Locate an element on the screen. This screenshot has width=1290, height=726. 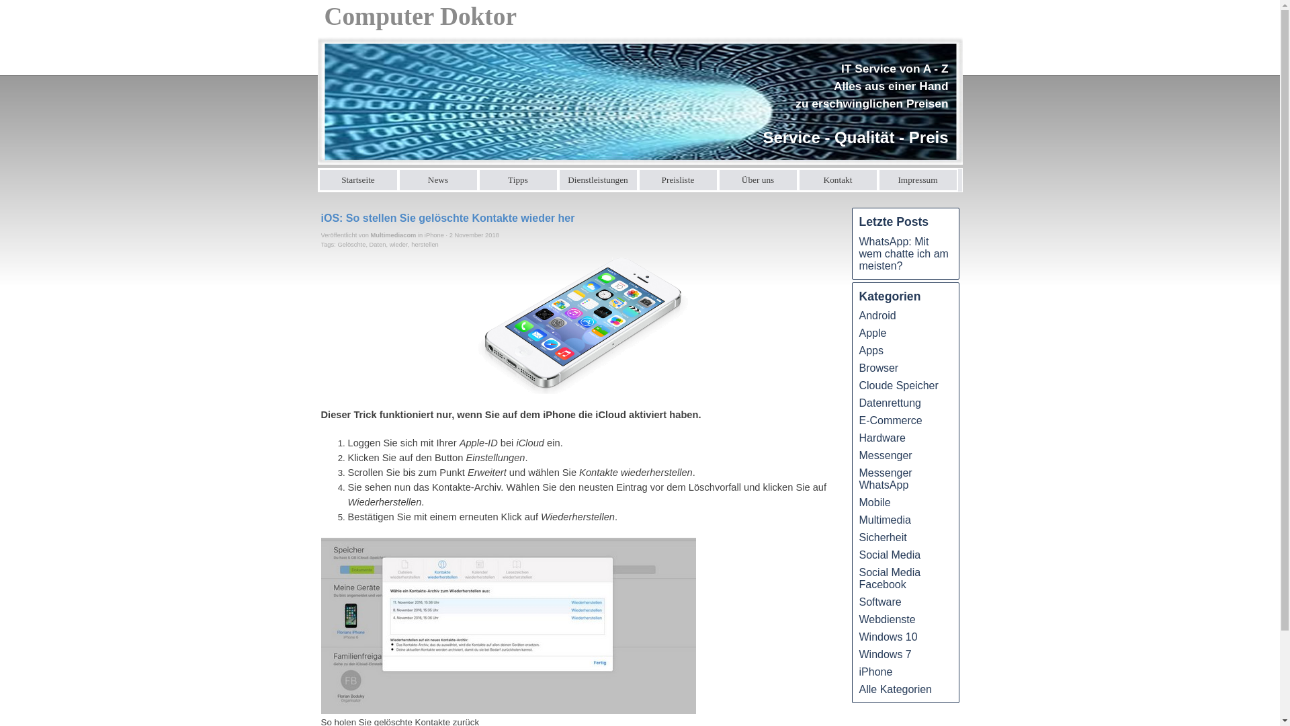
'Startseite' is located at coordinates (358, 179).